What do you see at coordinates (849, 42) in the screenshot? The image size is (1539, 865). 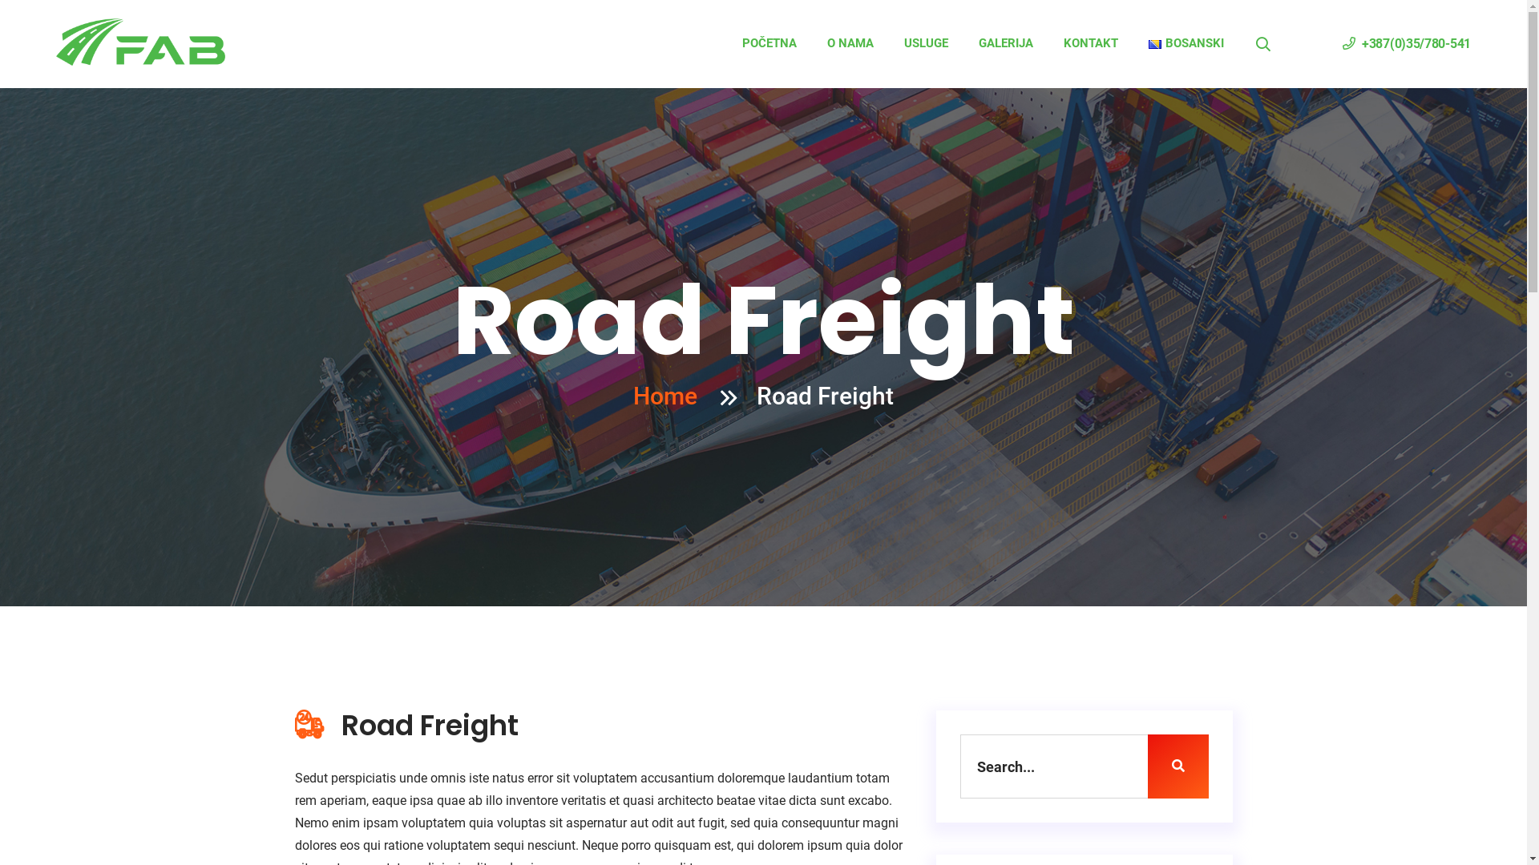 I see `'O NAMA'` at bounding box center [849, 42].